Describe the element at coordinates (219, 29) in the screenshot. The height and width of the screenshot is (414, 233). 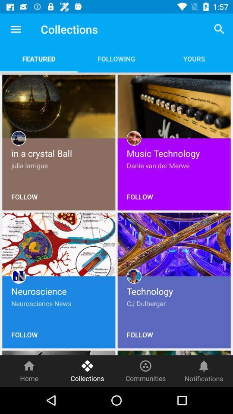
I see `the icon above yours app` at that location.